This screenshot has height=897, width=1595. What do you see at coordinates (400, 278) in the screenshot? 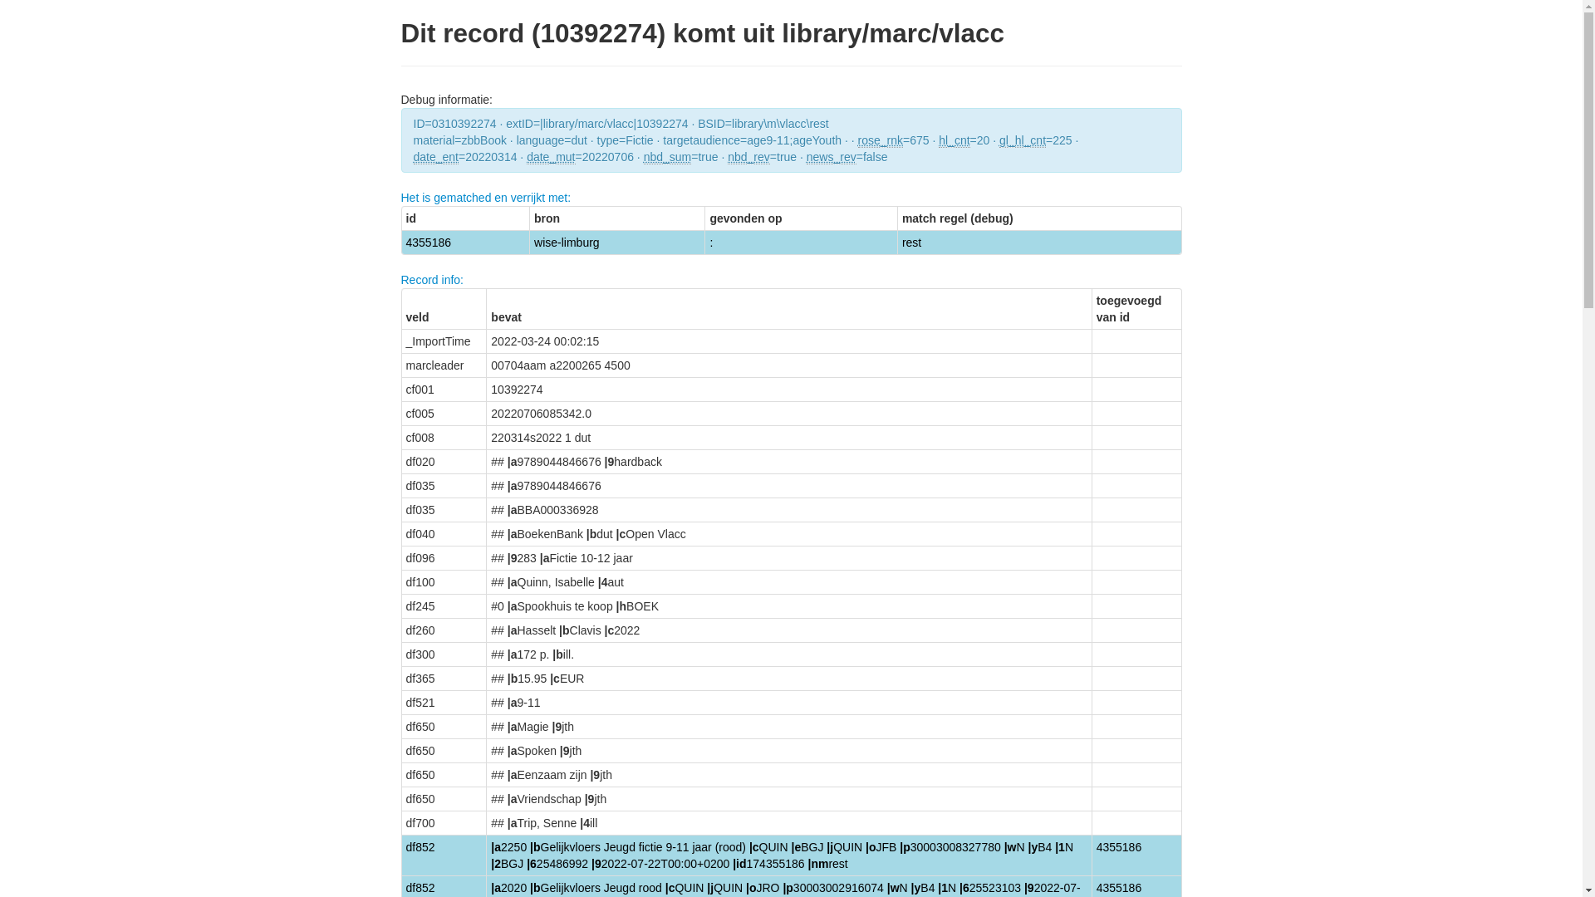
I see `'Record info:'` at bounding box center [400, 278].